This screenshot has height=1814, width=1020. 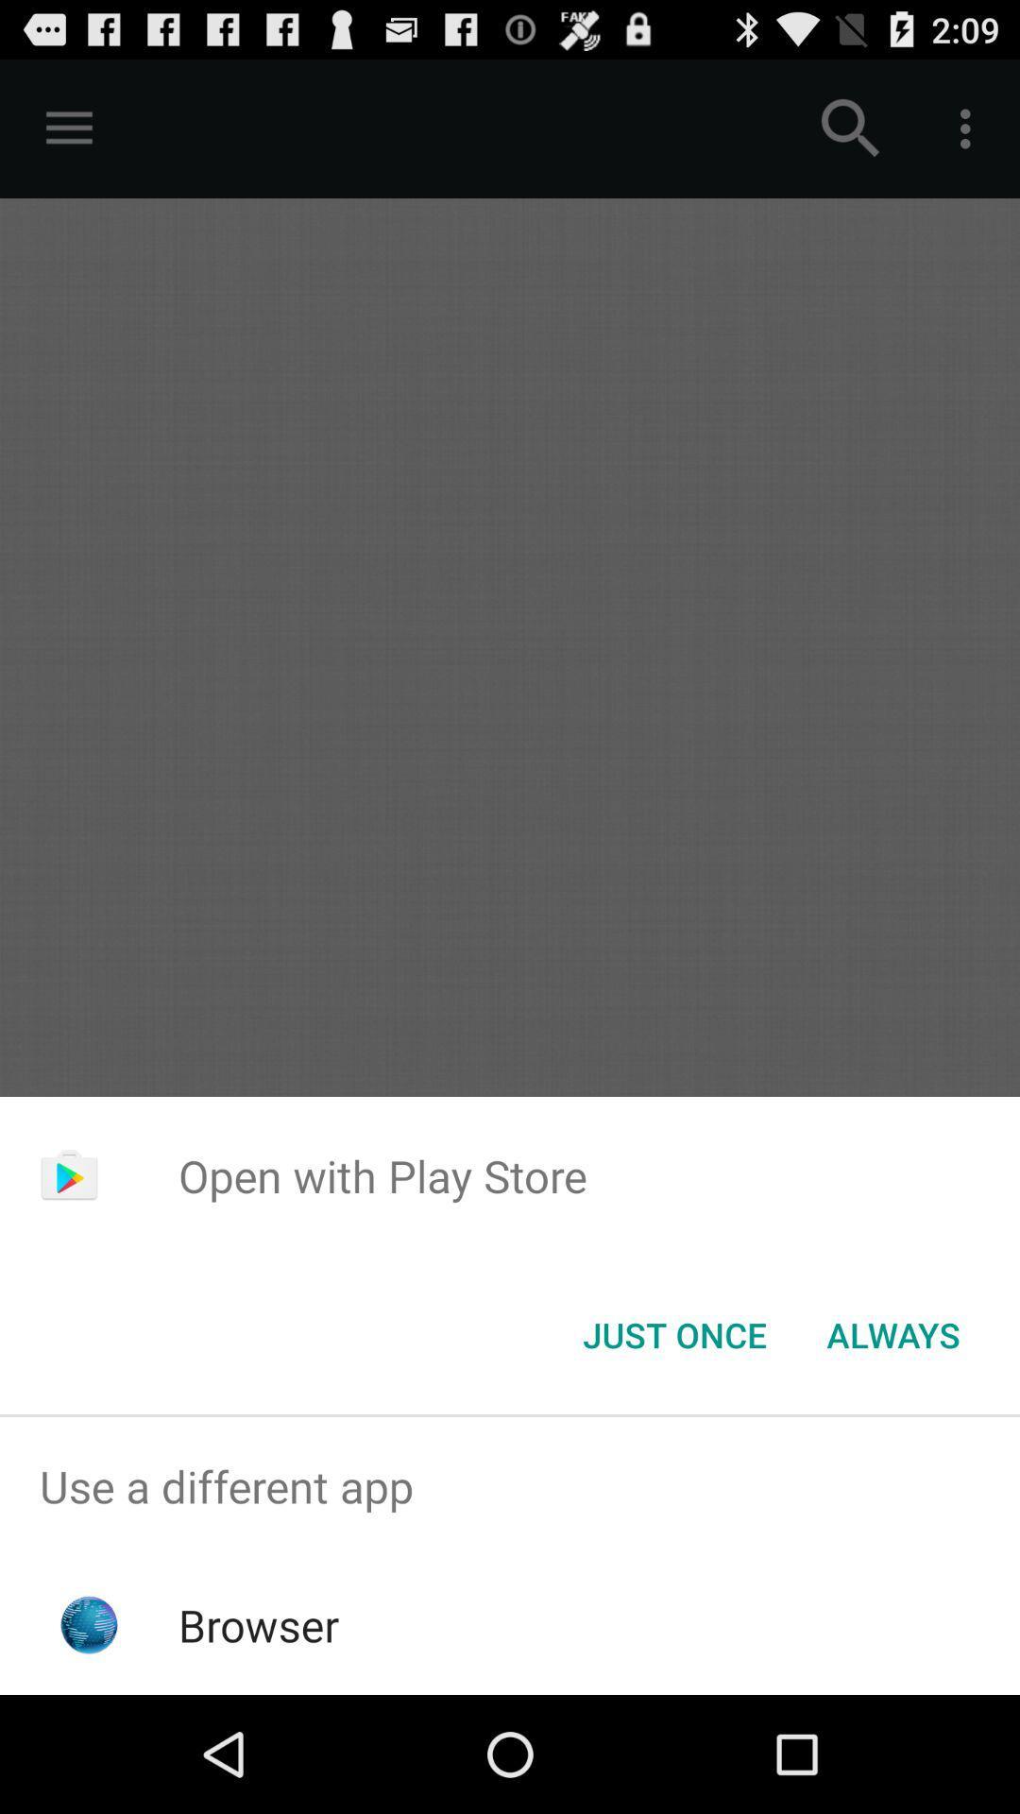 I want to click on icon below the open with play item, so click(x=673, y=1333).